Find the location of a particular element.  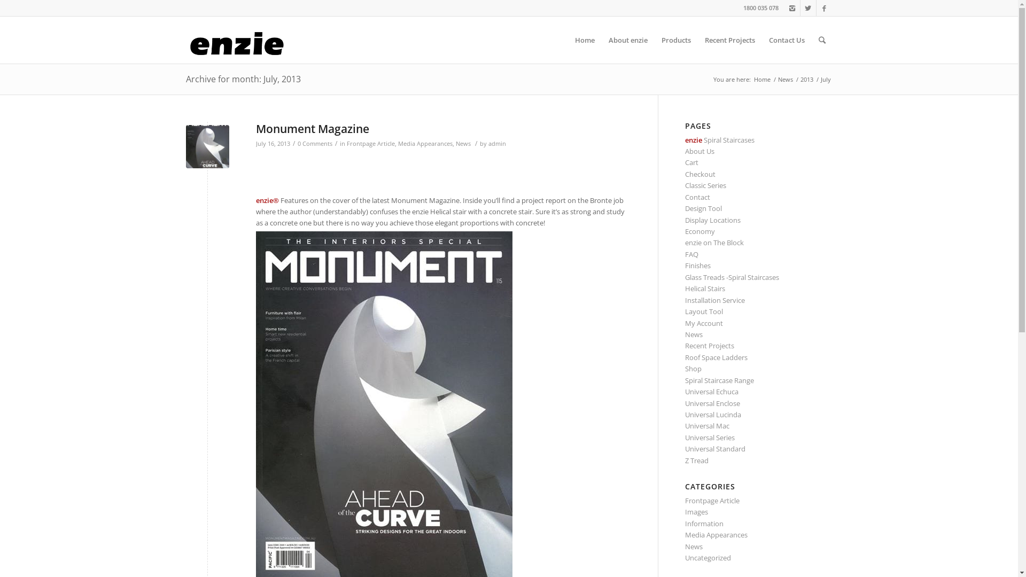

'Cart' is located at coordinates (691, 162).